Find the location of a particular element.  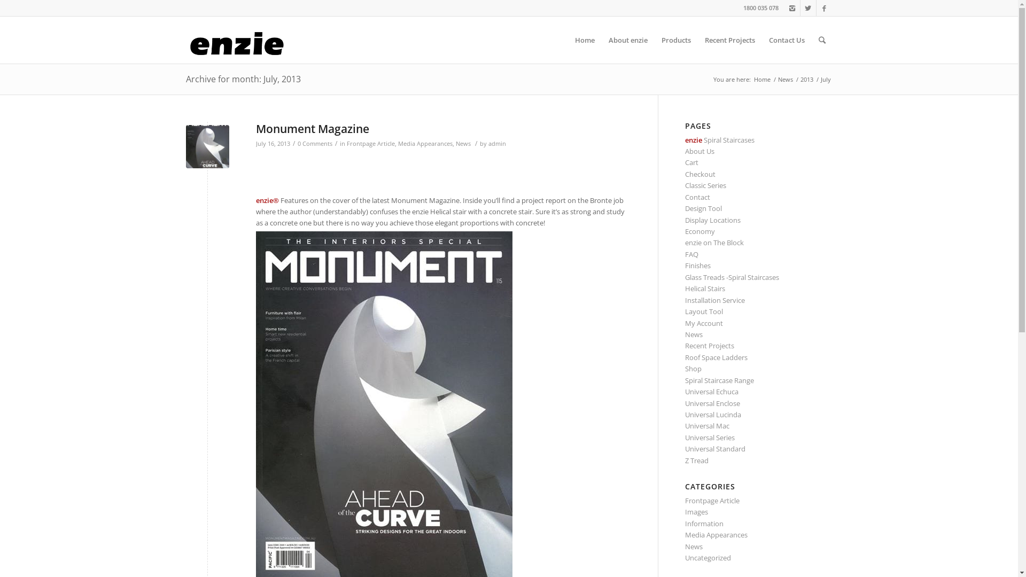

'Cart' is located at coordinates (691, 162).